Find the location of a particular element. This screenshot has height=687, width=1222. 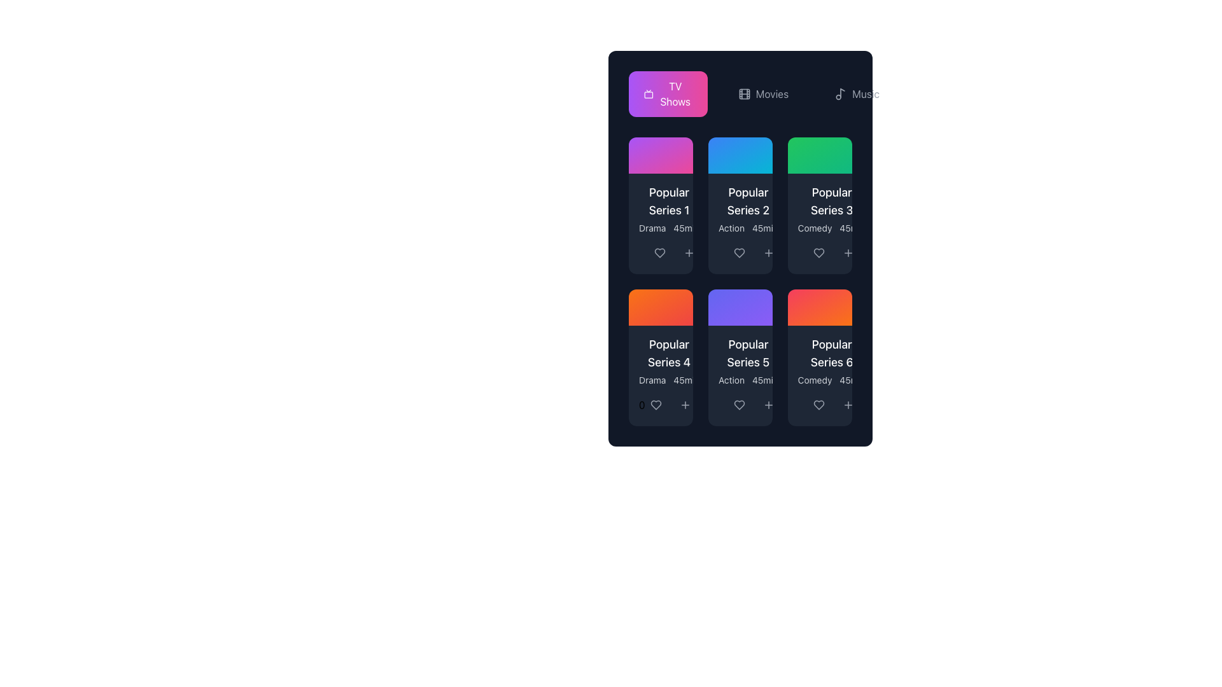

the '+' button located in the bottom-right corner of the 'Popular Series 6' card is located at coordinates (848, 405).